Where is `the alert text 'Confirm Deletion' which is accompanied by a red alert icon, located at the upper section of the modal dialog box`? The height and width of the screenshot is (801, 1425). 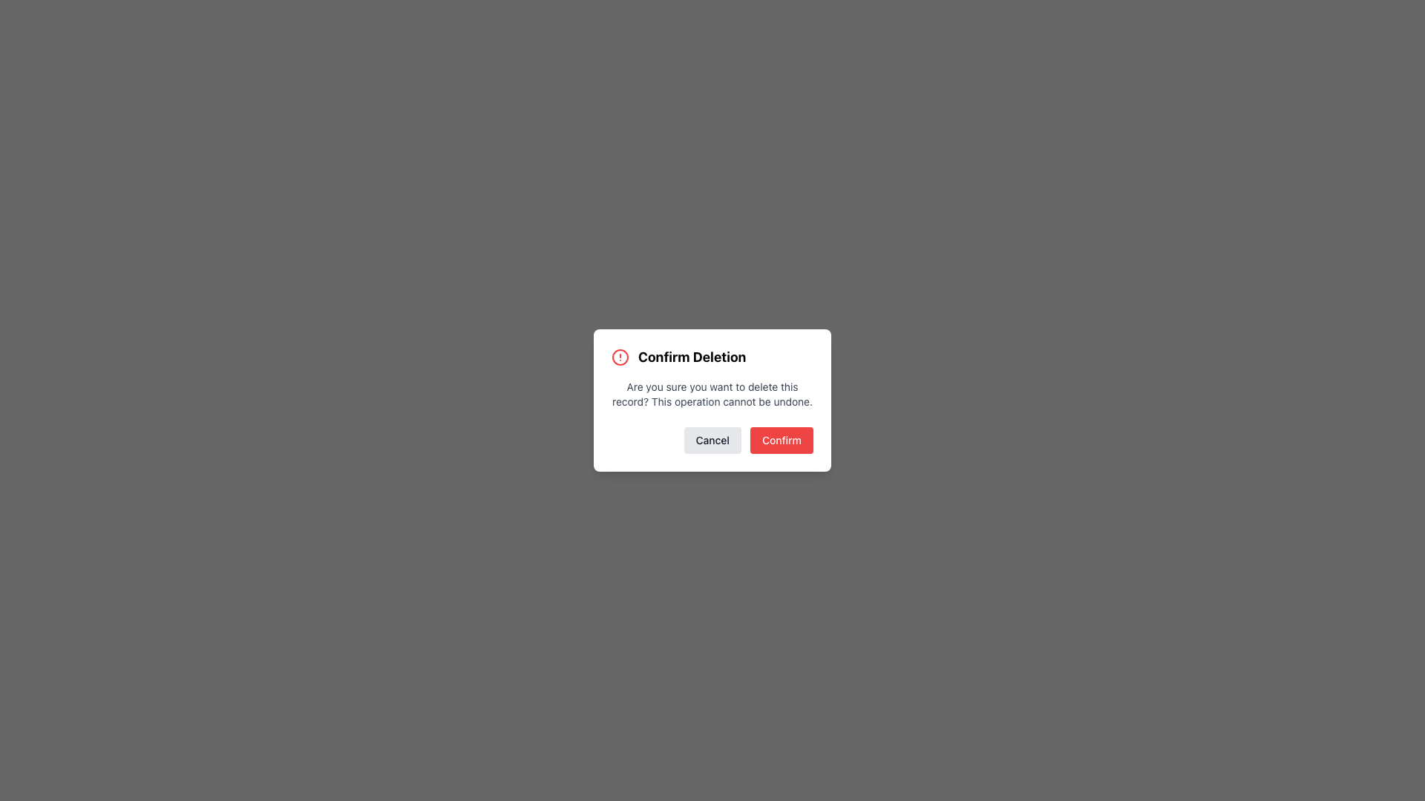
the alert text 'Confirm Deletion' which is accompanied by a red alert icon, located at the upper section of the modal dialog box is located at coordinates (712, 357).